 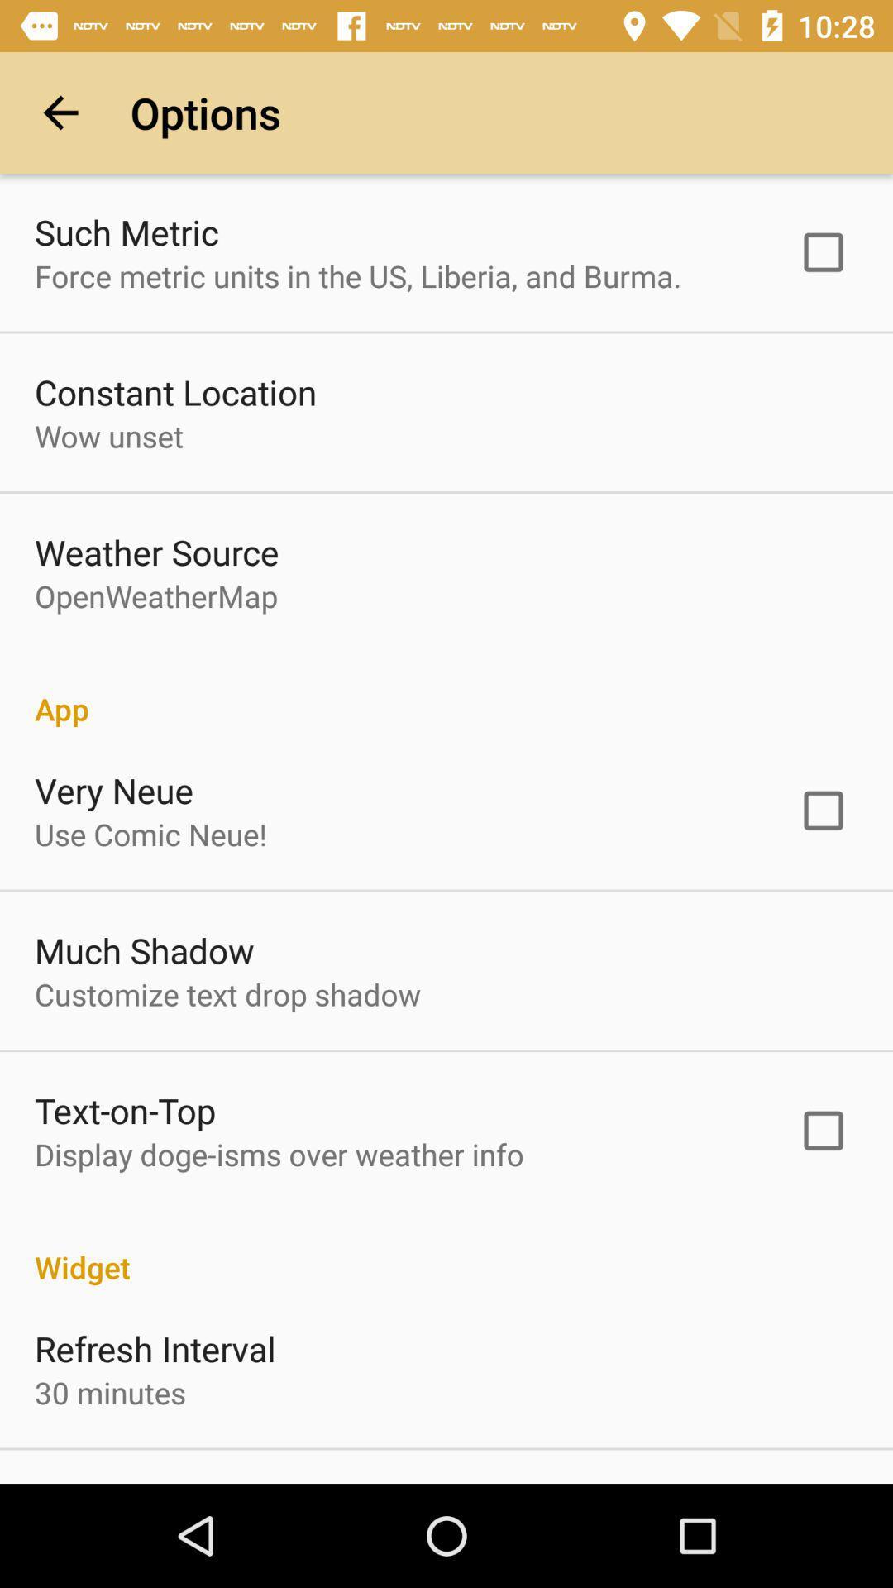 I want to click on constant location item, so click(x=175, y=391).